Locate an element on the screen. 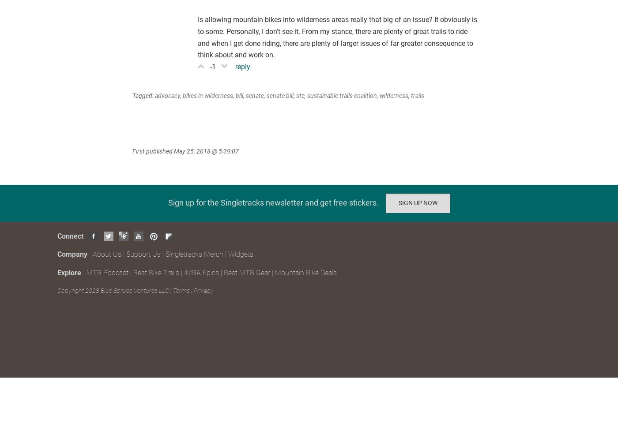 The height and width of the screenshot is (427, 618). 'About Us' is located at coordinates (107, 254).